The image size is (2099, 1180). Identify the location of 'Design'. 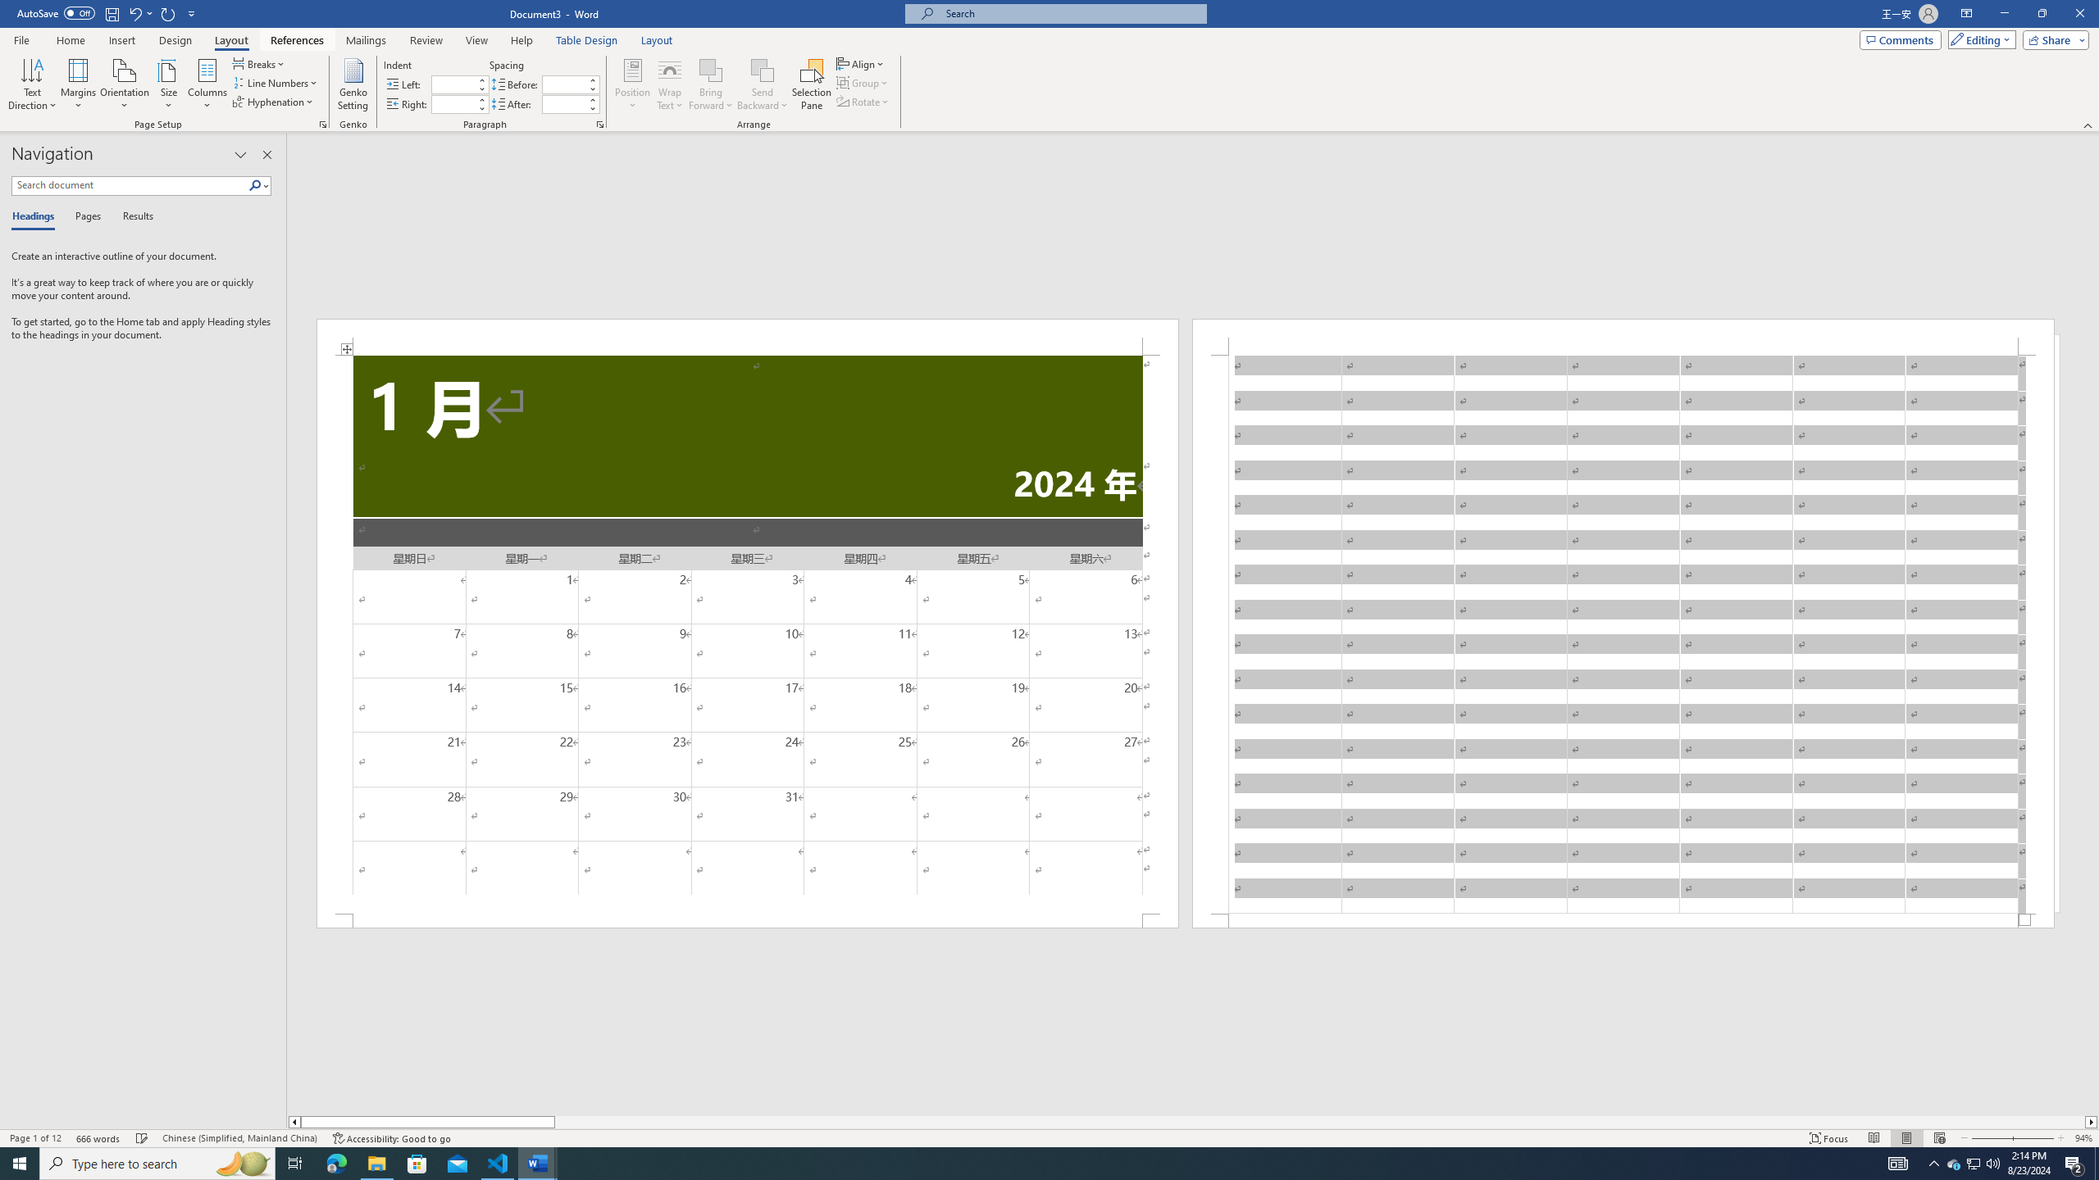
(176, 40).